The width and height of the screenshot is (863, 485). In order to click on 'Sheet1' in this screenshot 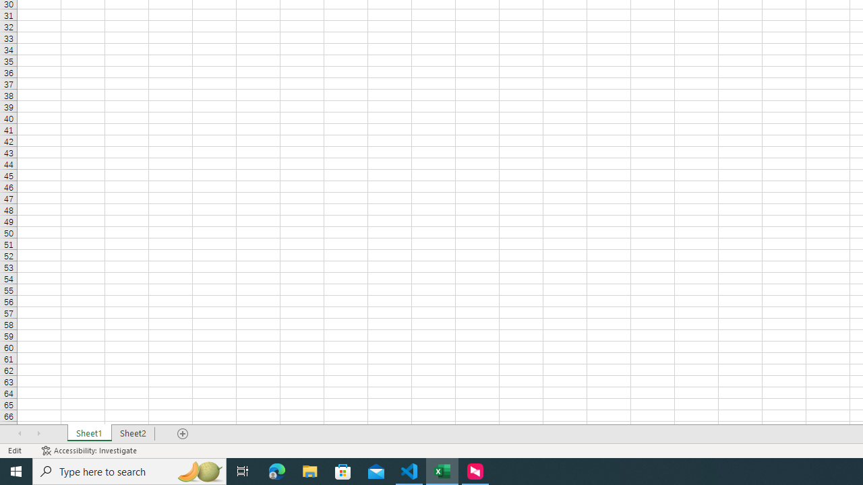, I will do `click(88, 434)`.